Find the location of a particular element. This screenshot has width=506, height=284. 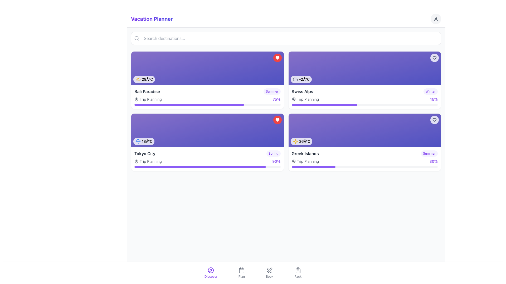

the text label with an icon indicating the status or category related to trip planning for 'Bali Paradise', positioned below the title and above the progress bar is located at coordinates (148, 99).